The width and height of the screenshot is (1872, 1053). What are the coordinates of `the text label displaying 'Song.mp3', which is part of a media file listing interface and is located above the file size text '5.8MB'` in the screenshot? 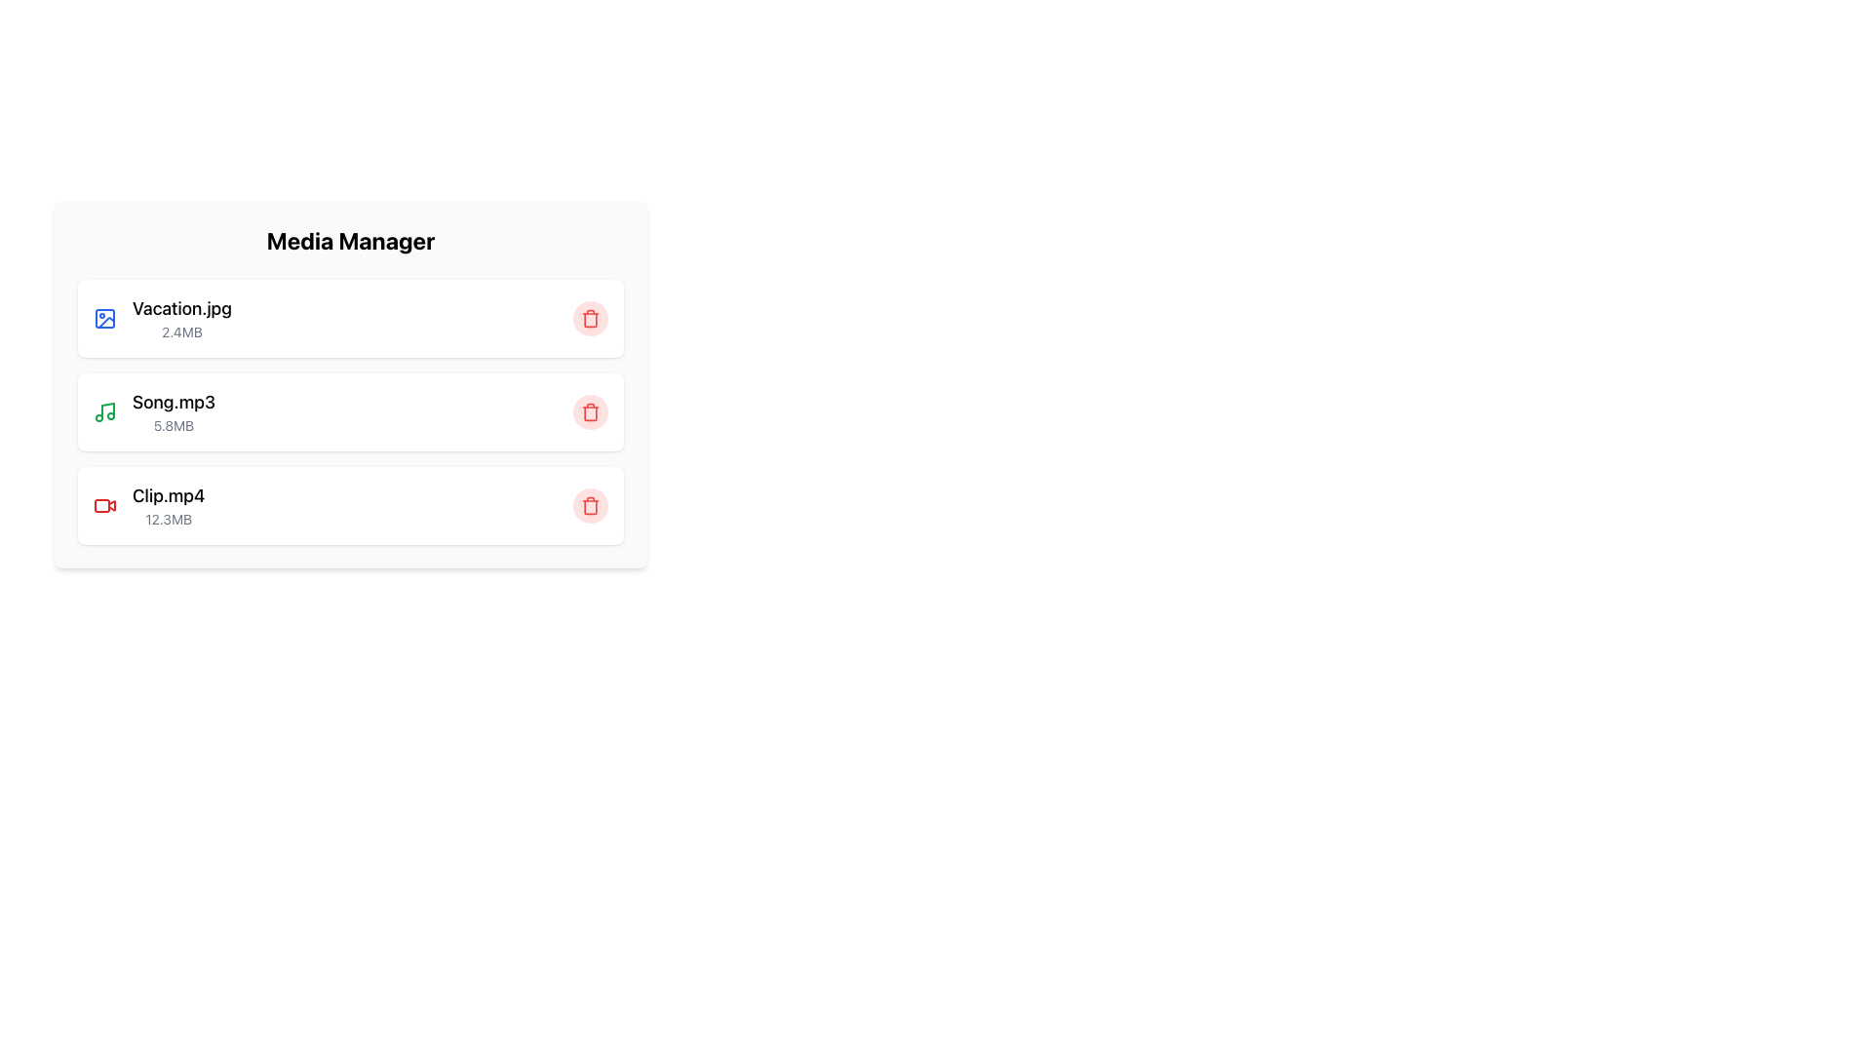 It's located at (174, 401).